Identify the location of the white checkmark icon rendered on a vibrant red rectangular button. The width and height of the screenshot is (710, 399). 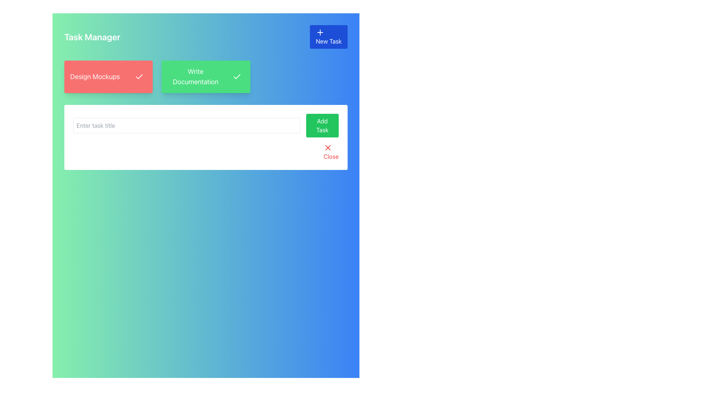
(139, 77).